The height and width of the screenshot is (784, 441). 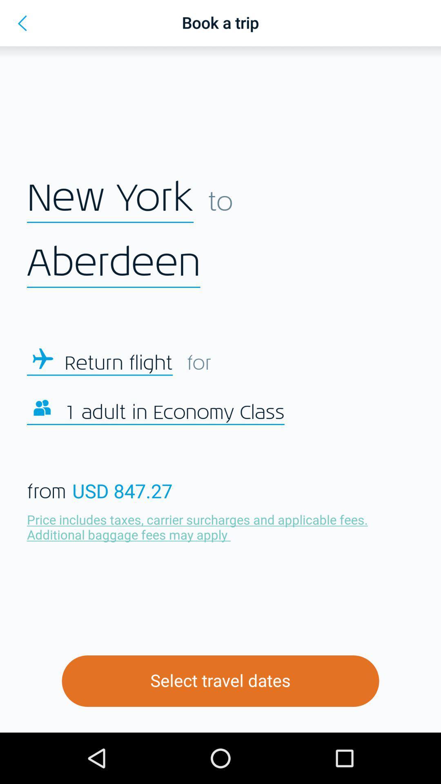 What do you see at coordinates (110, 198) in the screenshot?
I see `new york item` at bounding box center [110, 198].